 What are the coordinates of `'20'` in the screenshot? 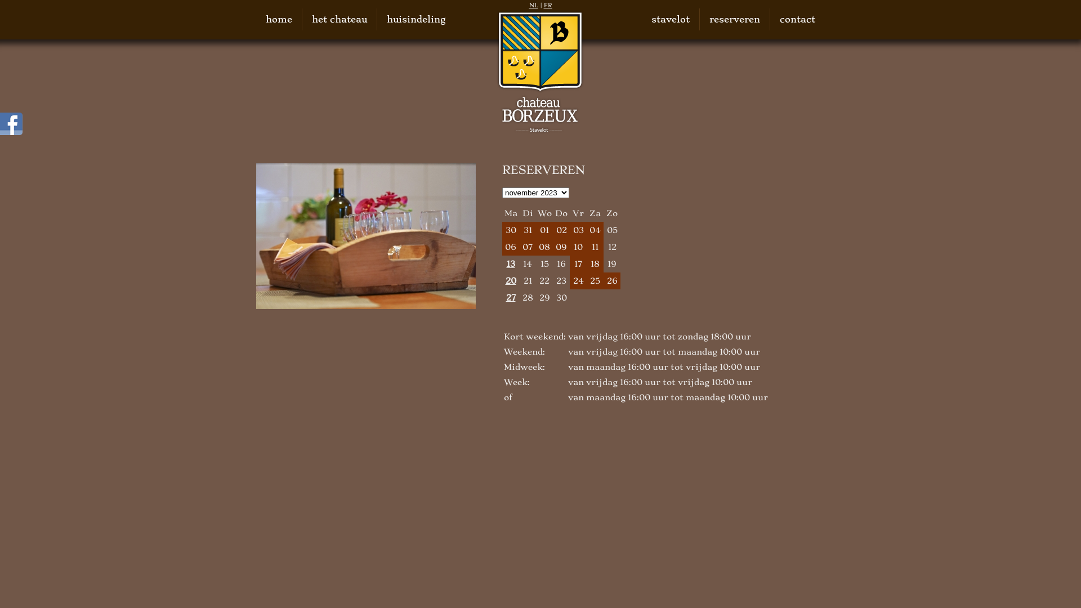 It's located at (510, 280).